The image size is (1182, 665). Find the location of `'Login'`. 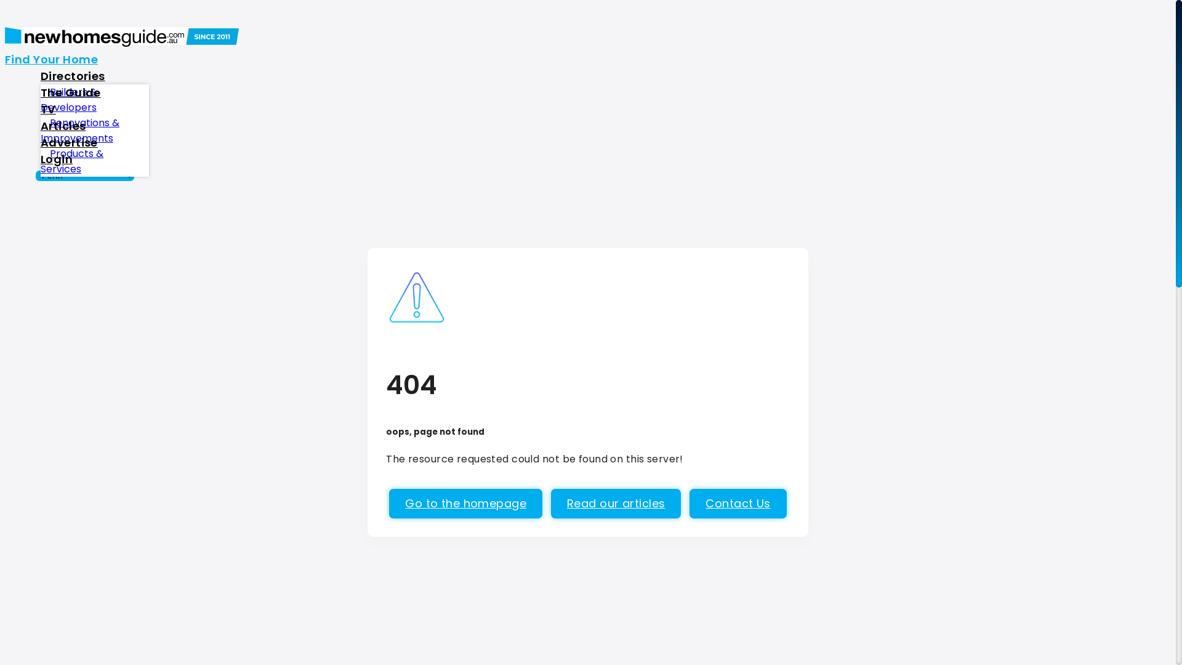

'Login' is located at coordinates (41, 158).